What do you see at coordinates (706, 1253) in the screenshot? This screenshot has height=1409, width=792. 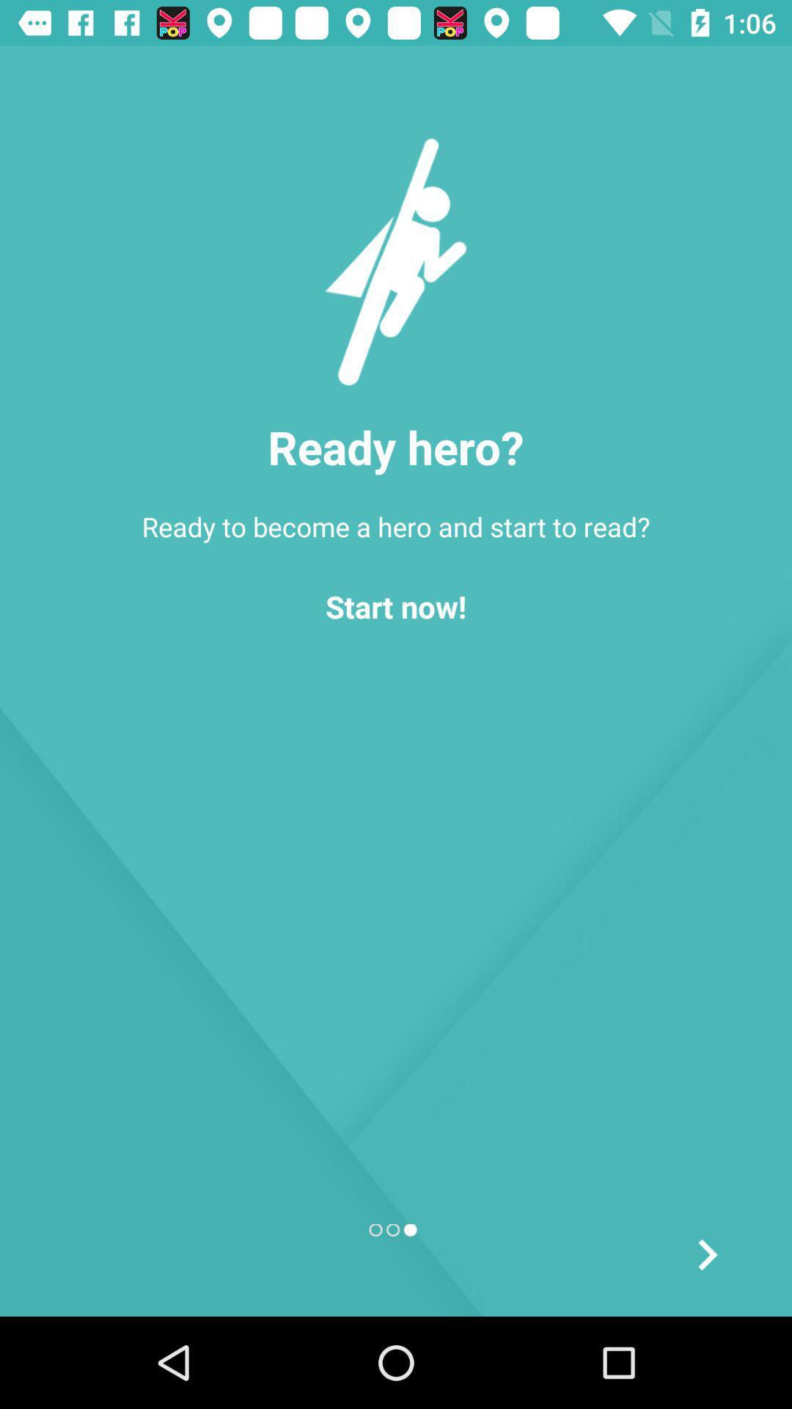 I see `the arrow_forward icon` at bounding box center [706, 1253].